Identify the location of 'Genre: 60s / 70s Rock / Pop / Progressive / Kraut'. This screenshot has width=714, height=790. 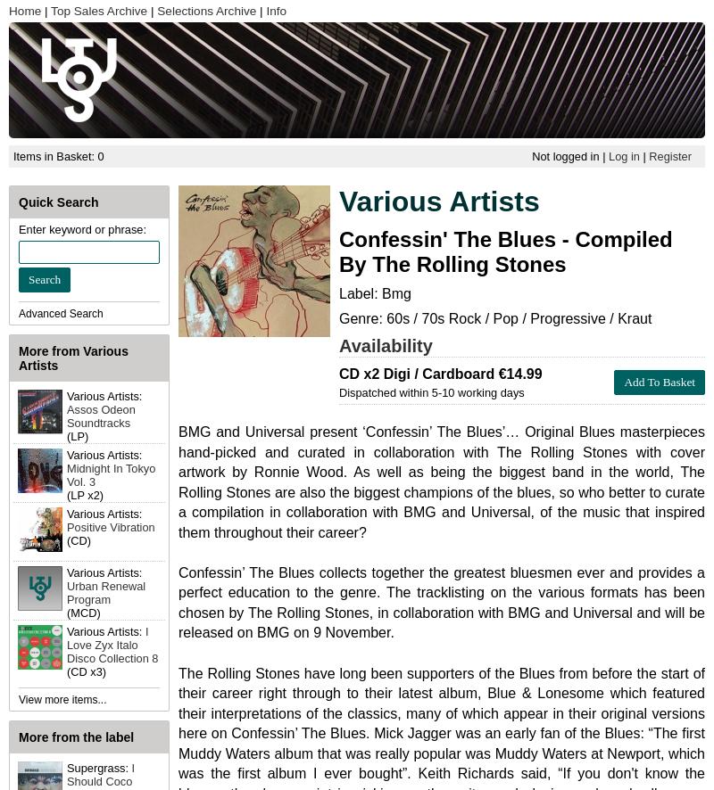
(494, 318).